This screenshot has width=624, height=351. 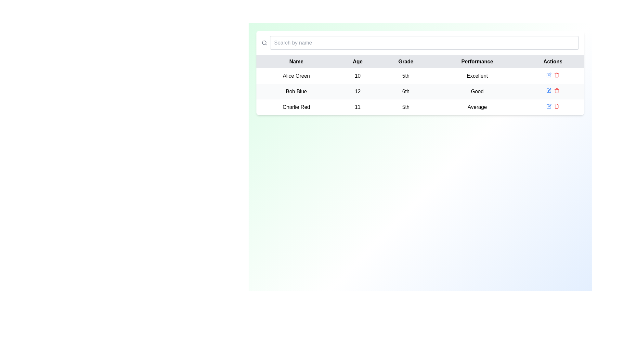 What do you see at coordinates (405, 107) in the screenshot?
I see `the table cell displaying the text '5th' in the third column of the row associated with 'Charlie Red' under the 'Grade' header` at bounding box center [405, 107].